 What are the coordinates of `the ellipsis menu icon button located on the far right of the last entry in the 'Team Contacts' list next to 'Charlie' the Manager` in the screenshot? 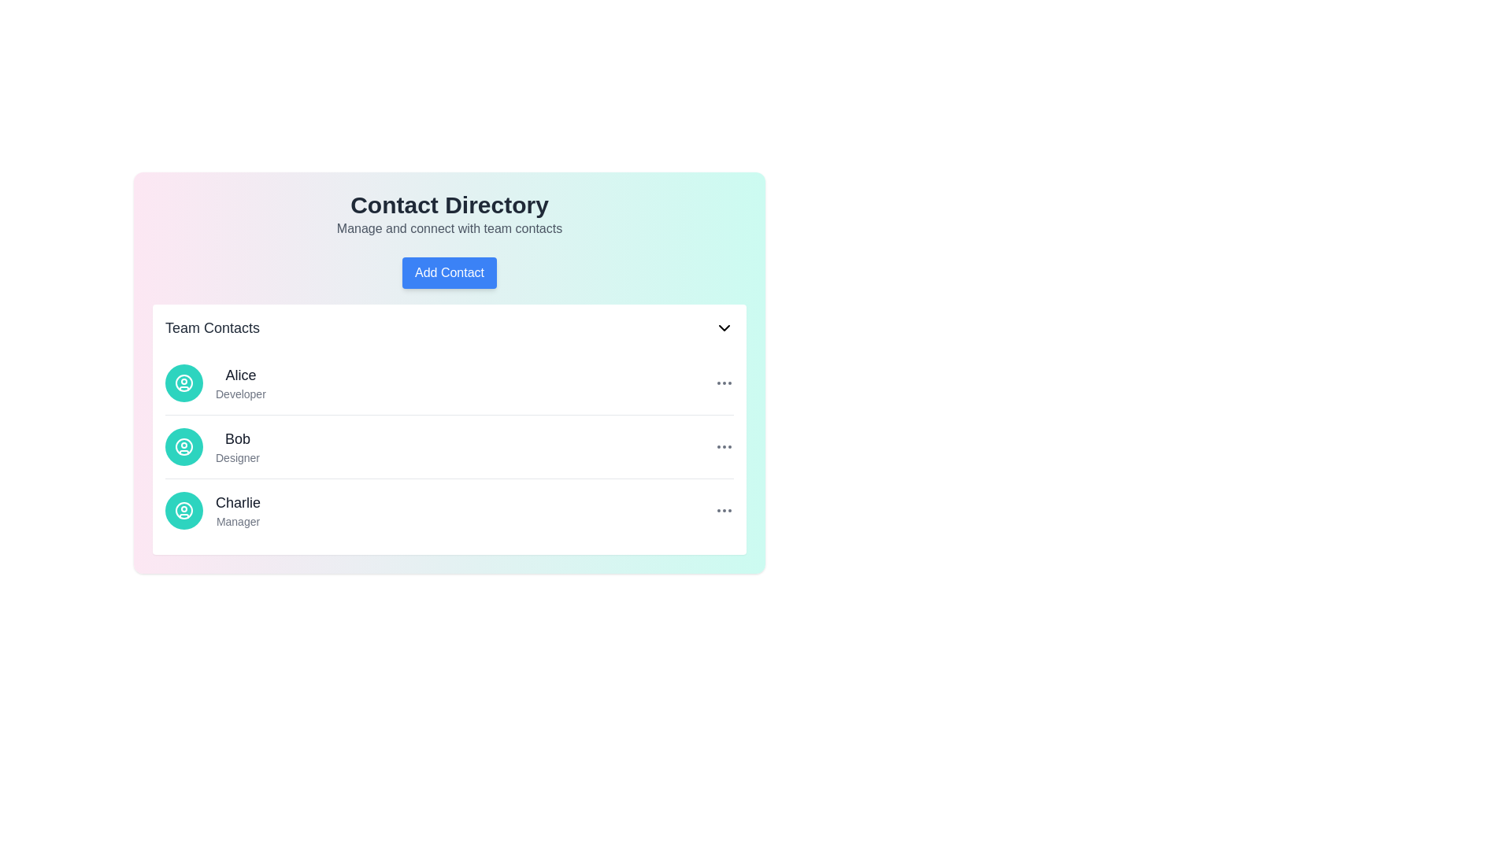 It's located at (724, 510).